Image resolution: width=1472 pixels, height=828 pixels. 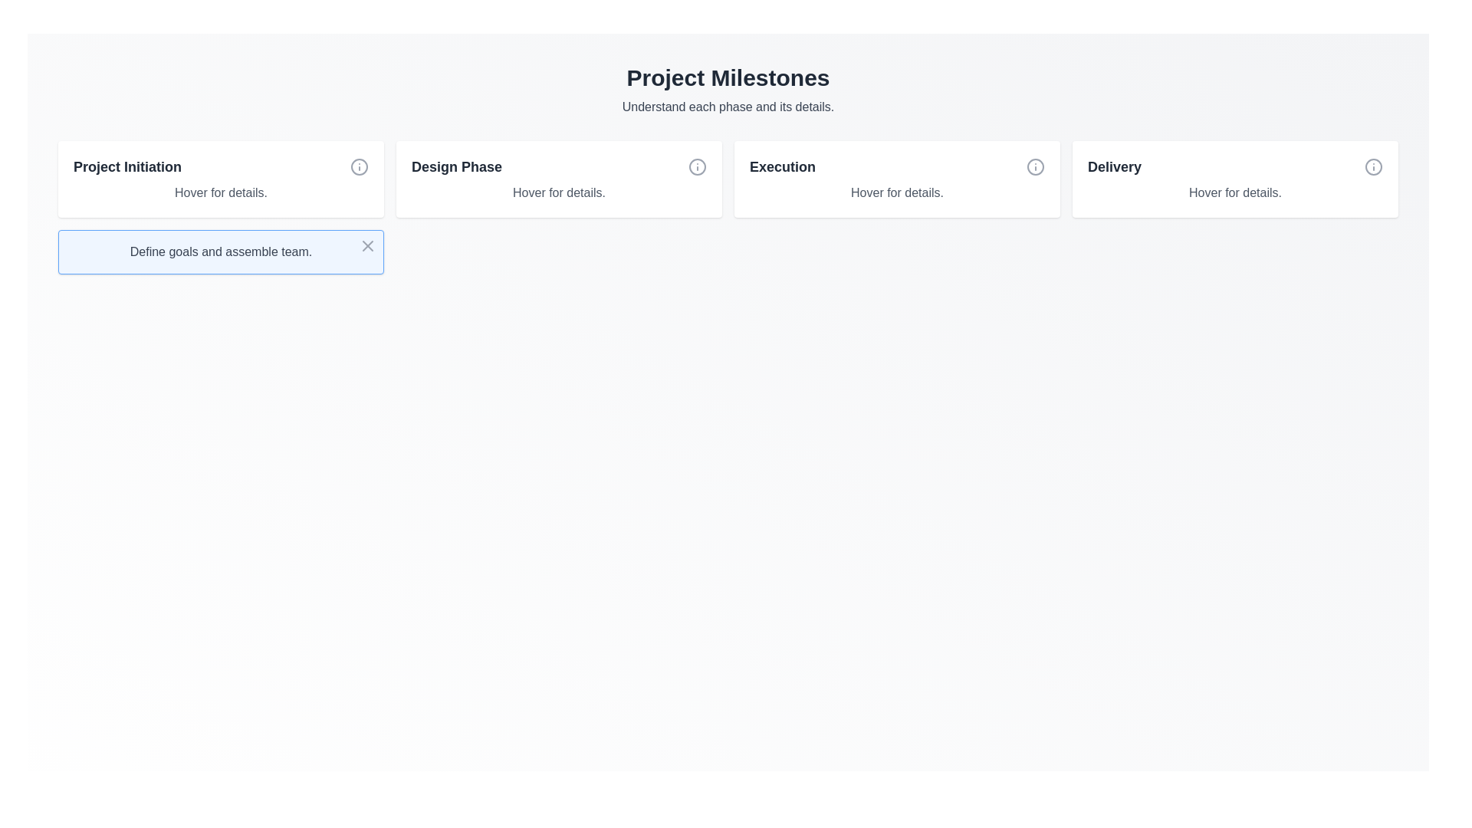 What do you see at coordinates (359, 167) in the screenshot?
I see `the circular SVG icon with a gray outer circle and a small dot inside, located to the right of the text 'Project Initiation'` at bounding box center [359, 167].